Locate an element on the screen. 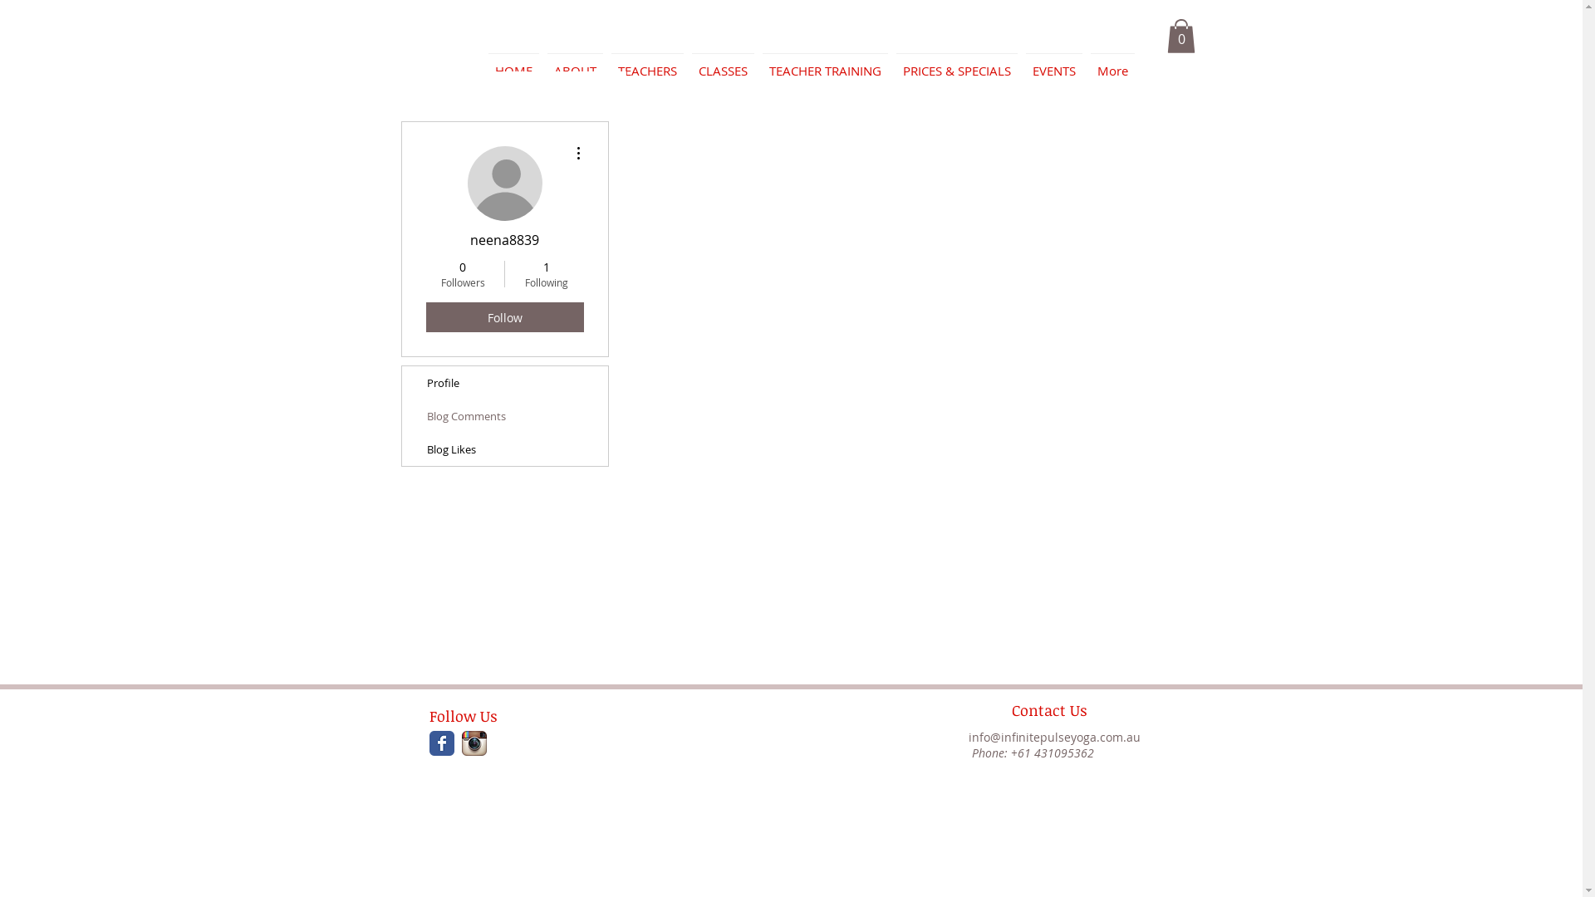 The image size is (1595, 897). 'CLASSES' is located at coordinates (723, 62).